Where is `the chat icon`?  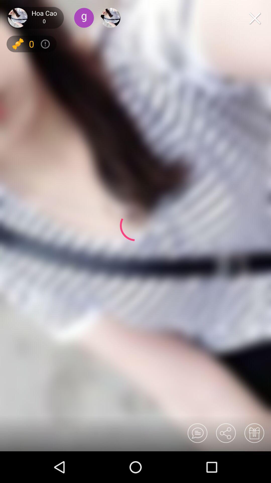 the chat icon is located at coordinates (197, 433).